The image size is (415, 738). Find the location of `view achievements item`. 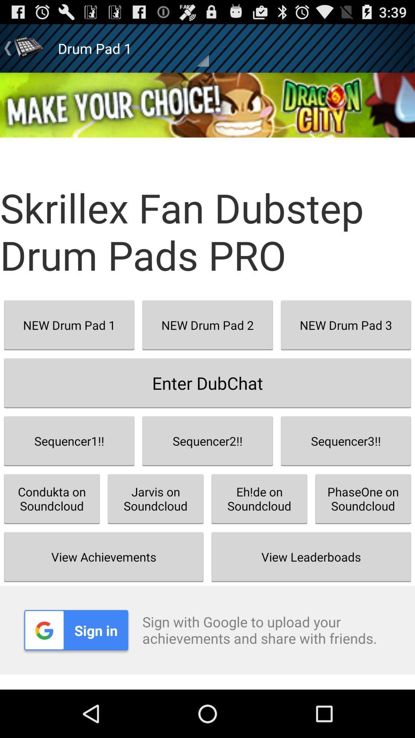

view achievements item is located at coordinates (104, 557).